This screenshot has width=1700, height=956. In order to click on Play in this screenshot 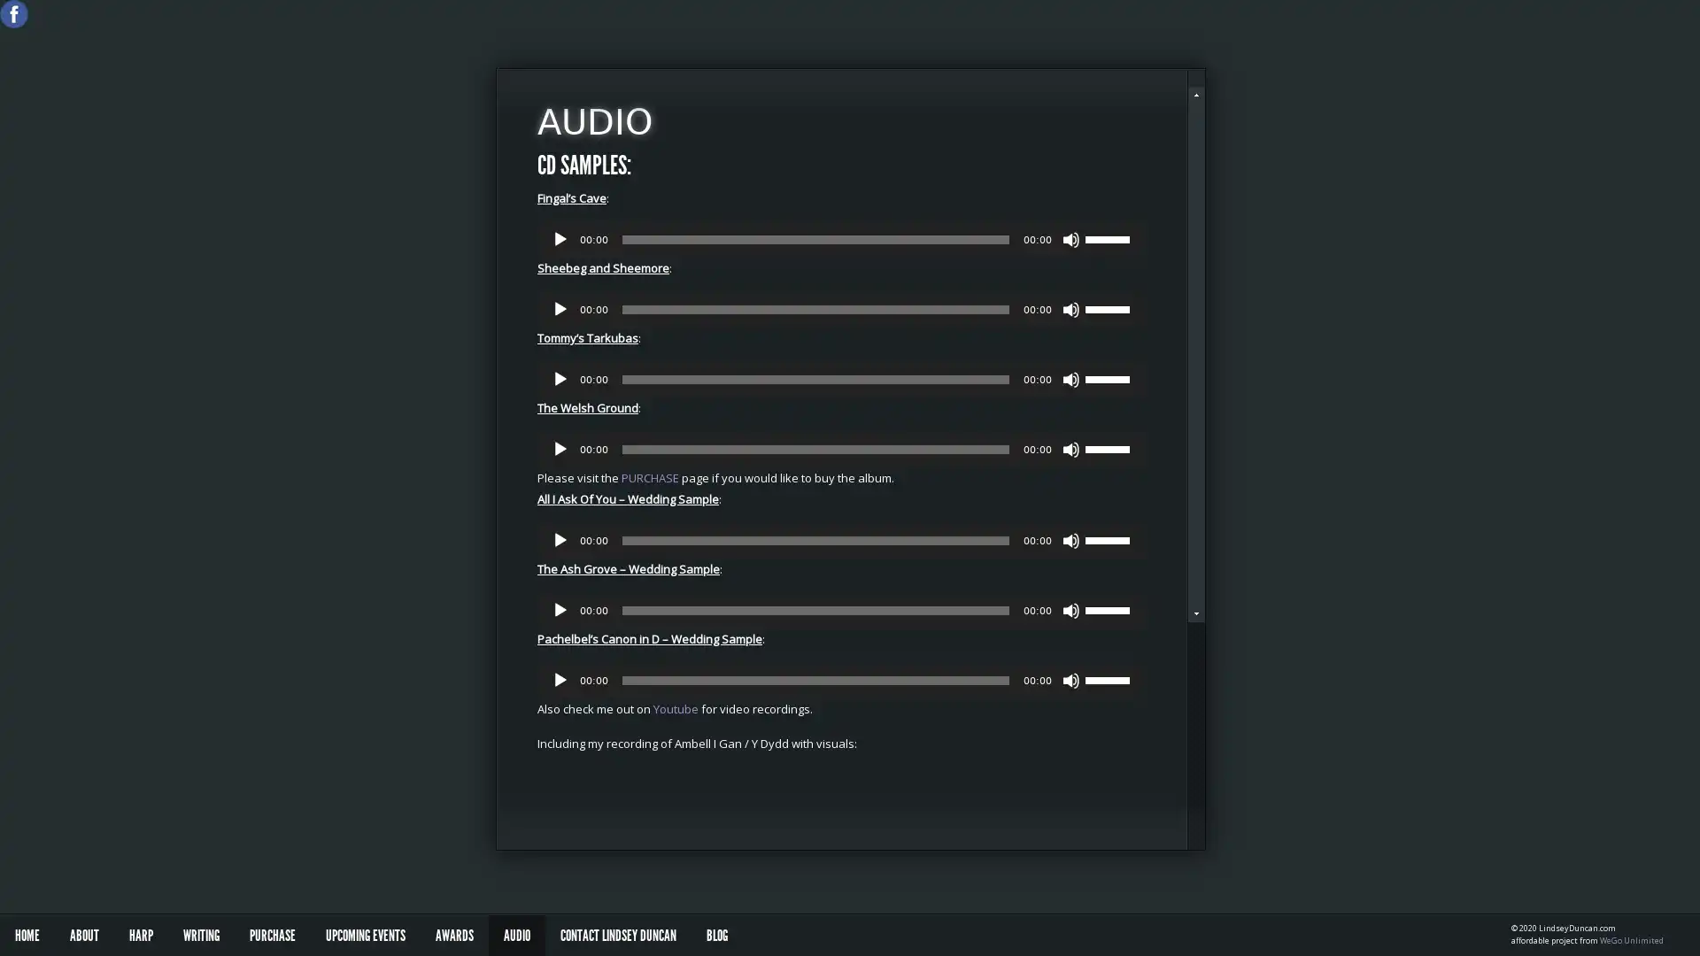, I will do `click(560, 539)`.